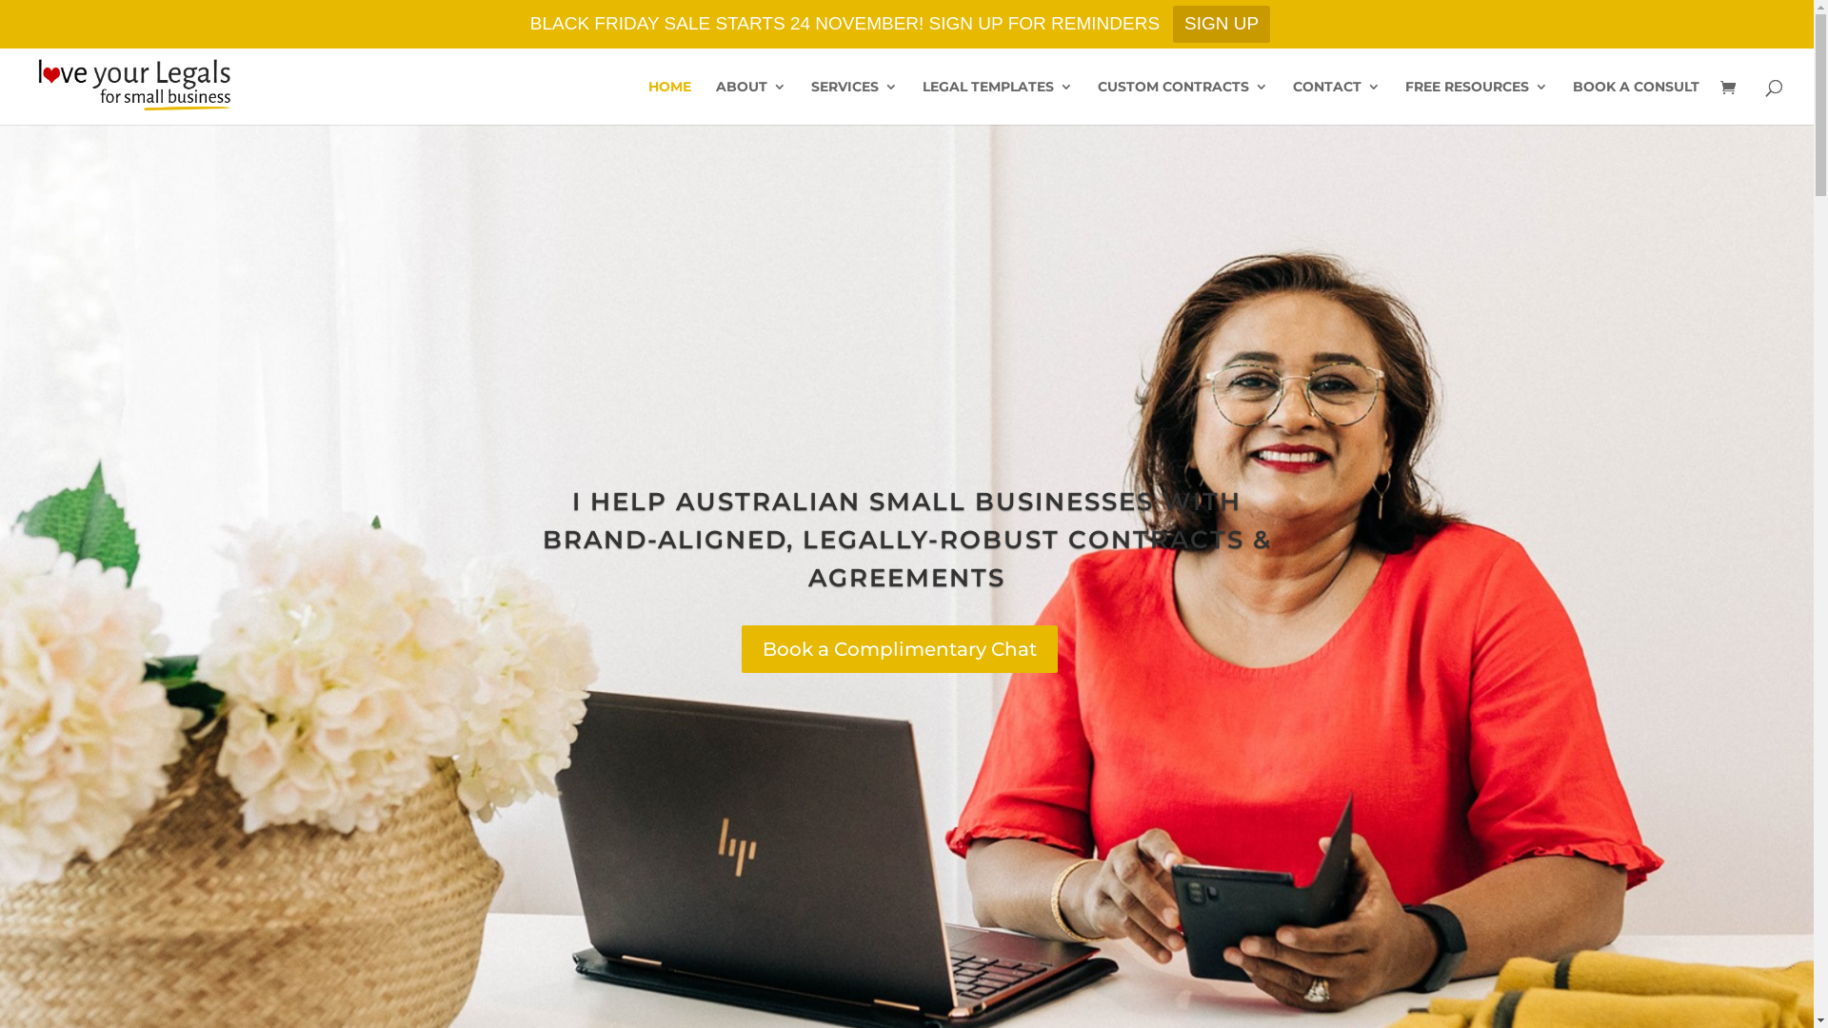 Image resolution: width=1828 pixels, height=1028 pixels. I want to click on 'SIGN UP', so click(1221, 24).